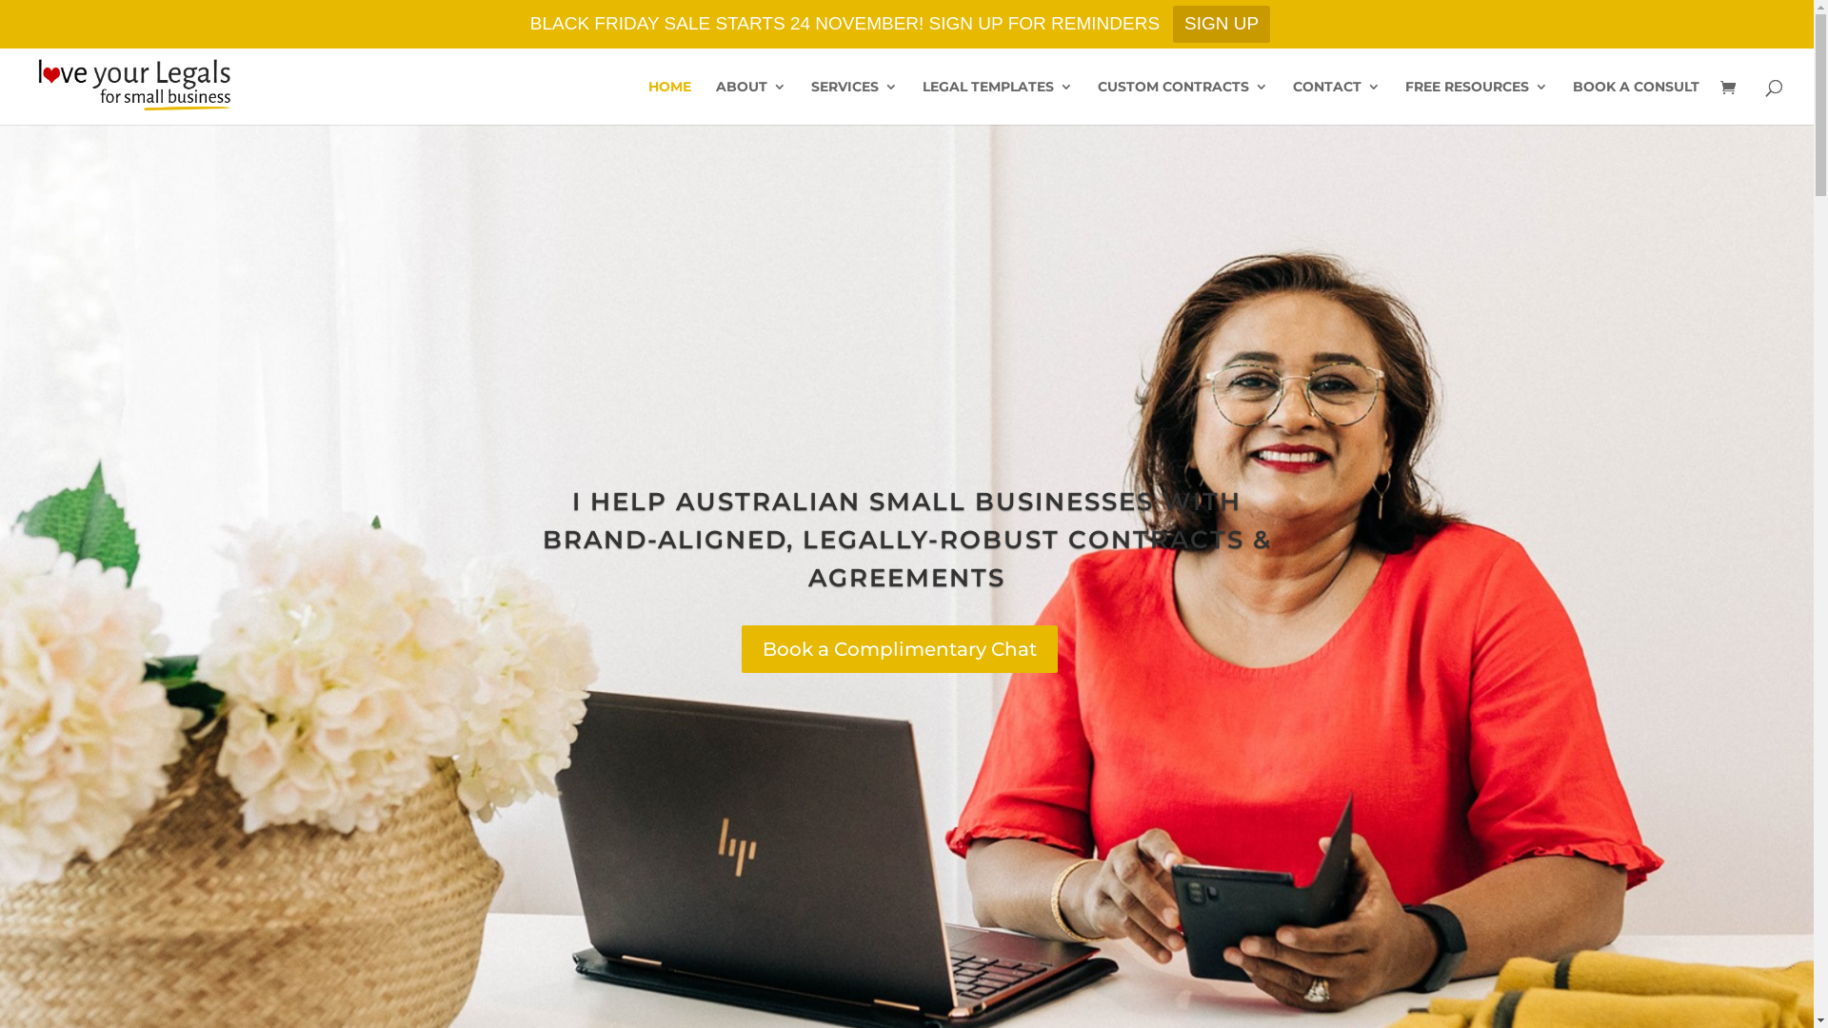 Image resolution: width=1828 pixels, height=1028 pixels. I want to click on 'SIGN UP', so click(1221, 24).